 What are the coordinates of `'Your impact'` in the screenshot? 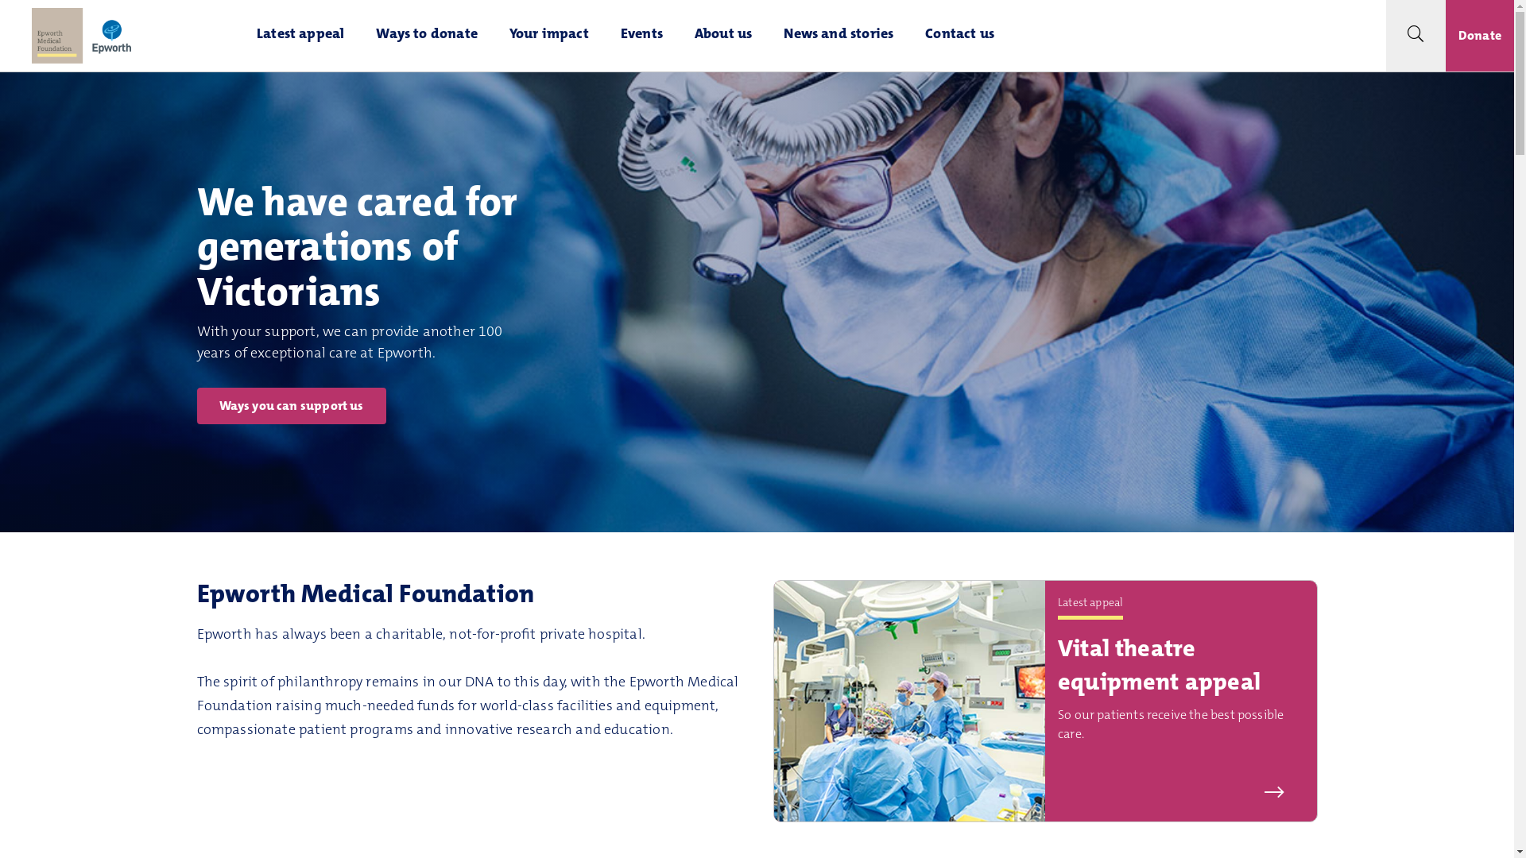 It's located at (492, 36).